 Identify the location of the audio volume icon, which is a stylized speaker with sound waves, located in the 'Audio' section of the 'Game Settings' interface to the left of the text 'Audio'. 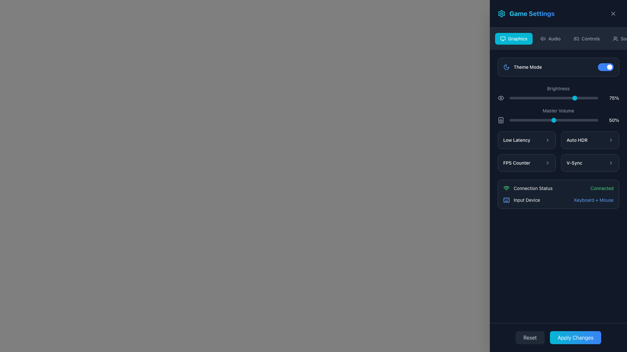
(543, 39).